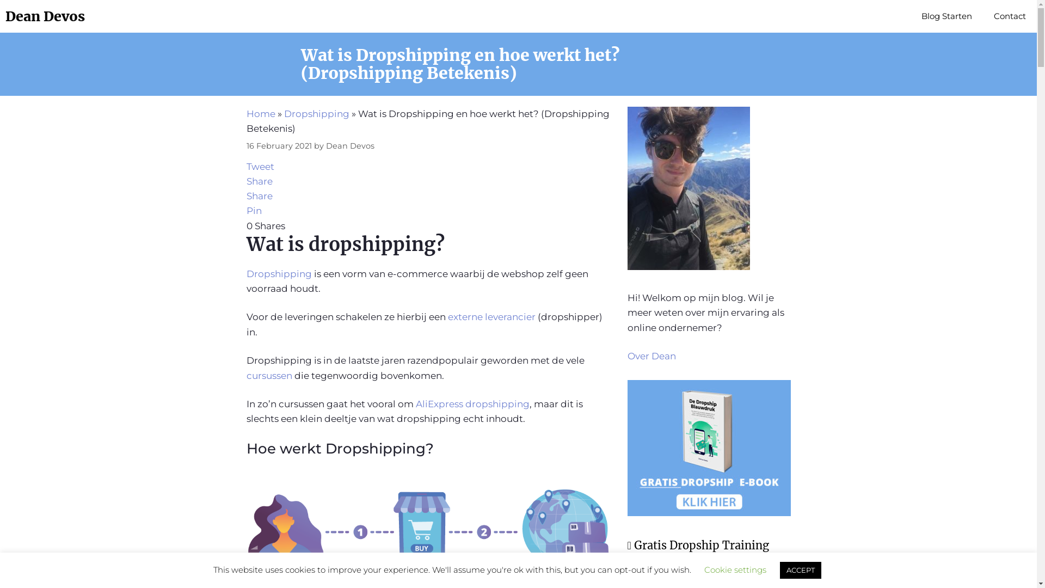  I want to click on 'externe leverancier', so click(490, 317).